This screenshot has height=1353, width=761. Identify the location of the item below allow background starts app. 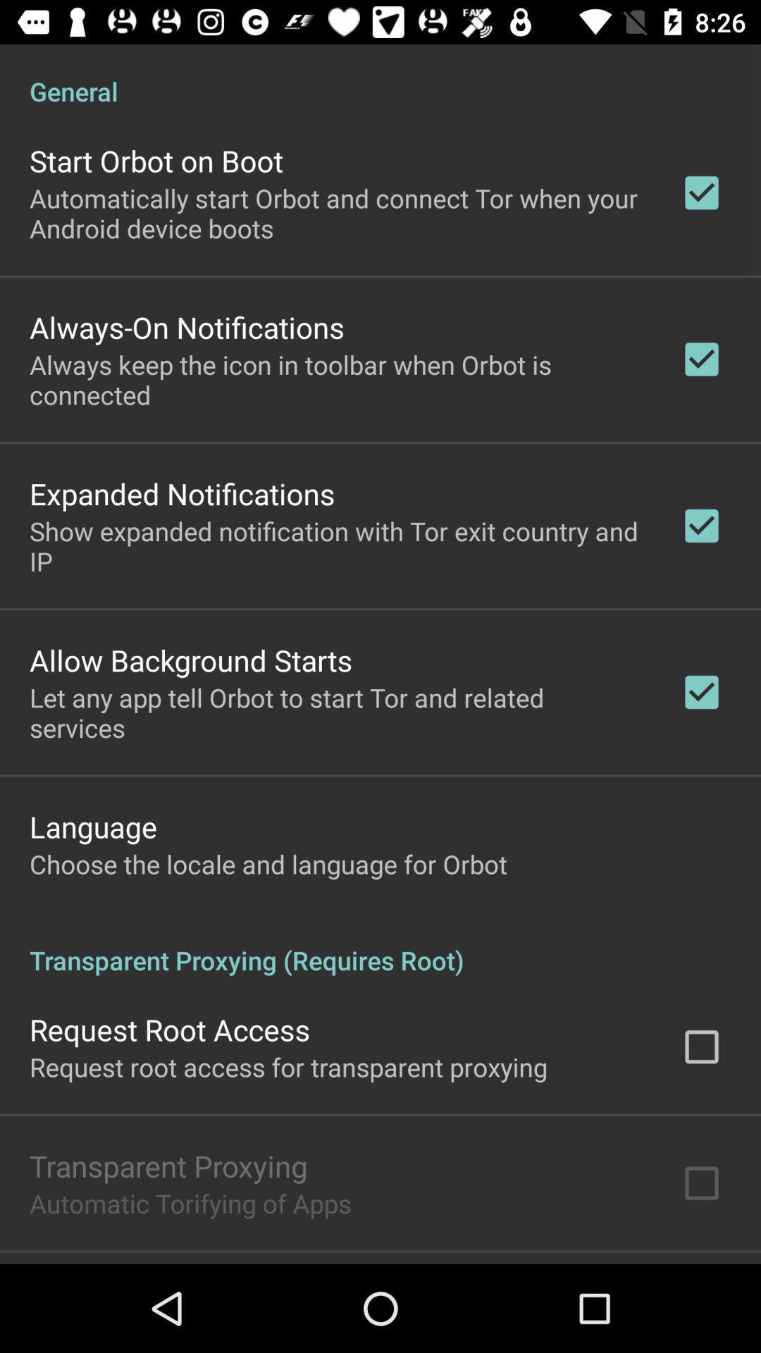
(336, 712).